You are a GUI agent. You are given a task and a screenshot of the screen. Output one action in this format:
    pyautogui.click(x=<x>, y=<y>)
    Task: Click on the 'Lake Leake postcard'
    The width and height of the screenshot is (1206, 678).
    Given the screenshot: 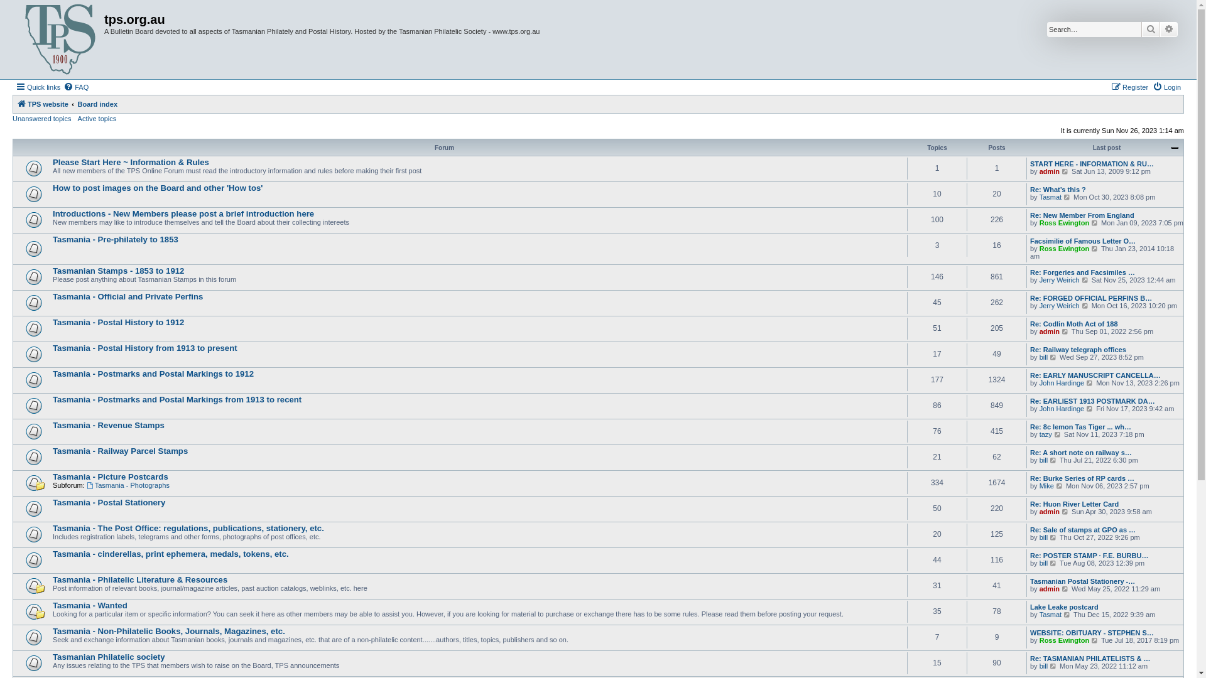 What is the action you would take?
    pyautogui.click(x=1063, y=606)
    